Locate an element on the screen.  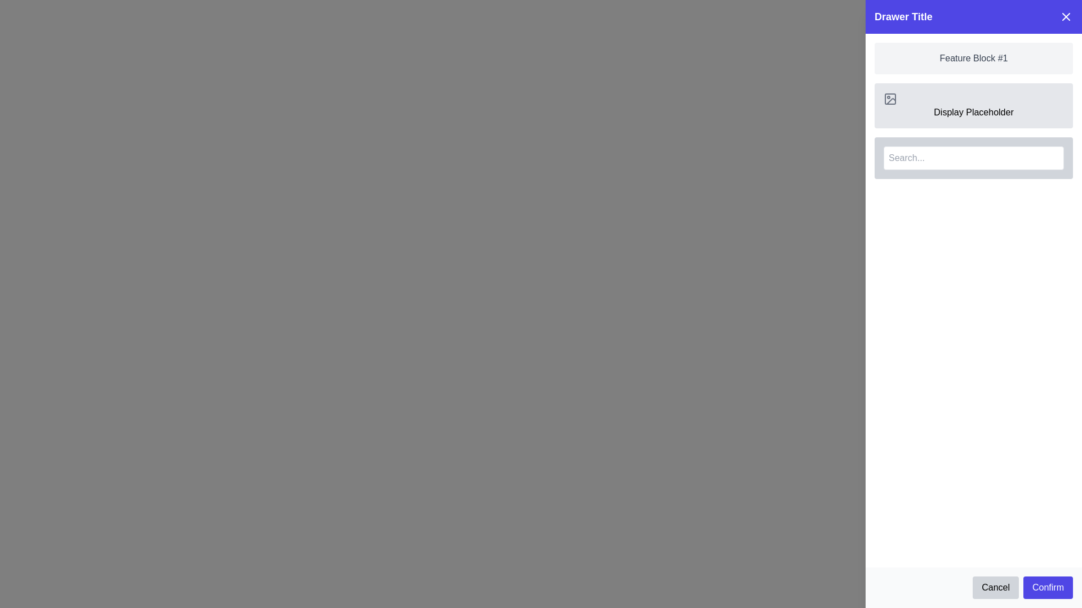
the 'Close' button located in the top-right corner of the drawer titled 'Drawer Title' is located at coordinates (1059, 22).